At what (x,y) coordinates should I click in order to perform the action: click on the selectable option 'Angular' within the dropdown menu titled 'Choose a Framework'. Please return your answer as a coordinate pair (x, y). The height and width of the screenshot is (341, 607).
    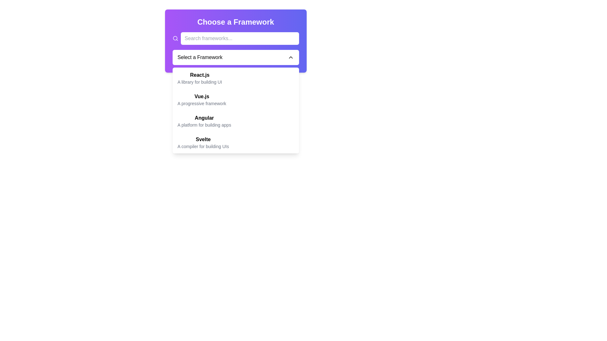
    Looking at the image, I should click on (204, 121).